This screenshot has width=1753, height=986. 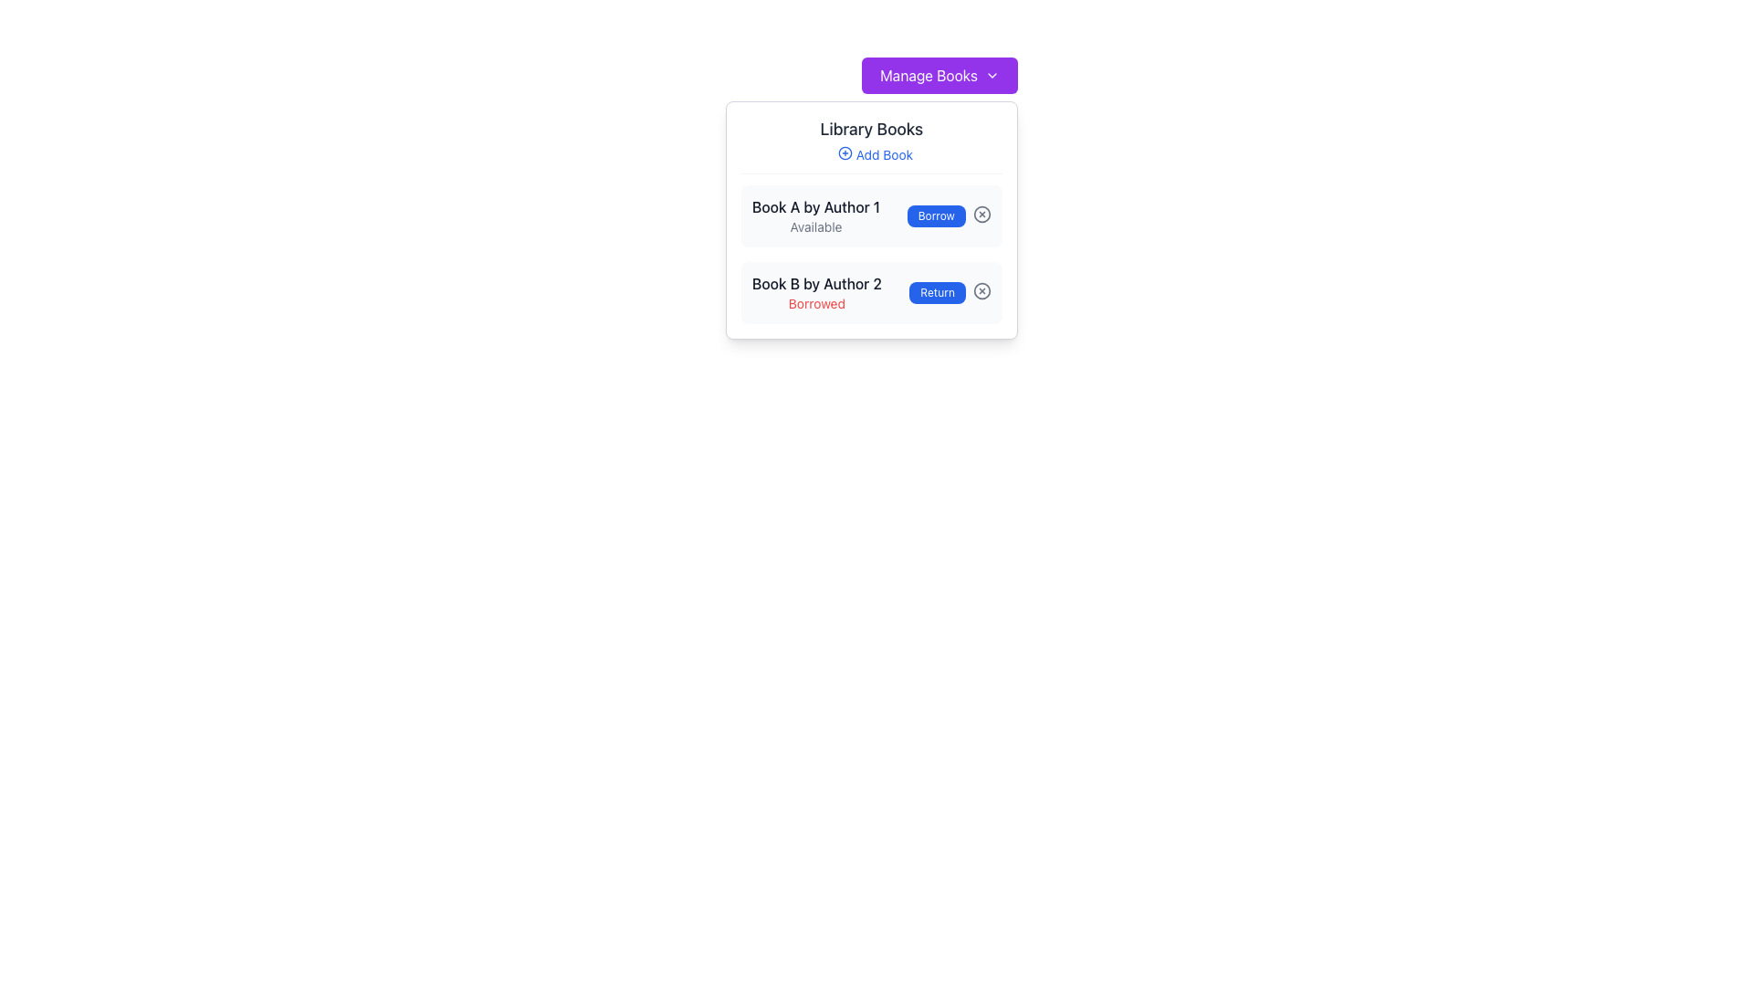 I want to click on the text display that shows the title of the book and its borrowing status, which is positioned above the 'Return' button in the library books list, so click(x=815, y=291).